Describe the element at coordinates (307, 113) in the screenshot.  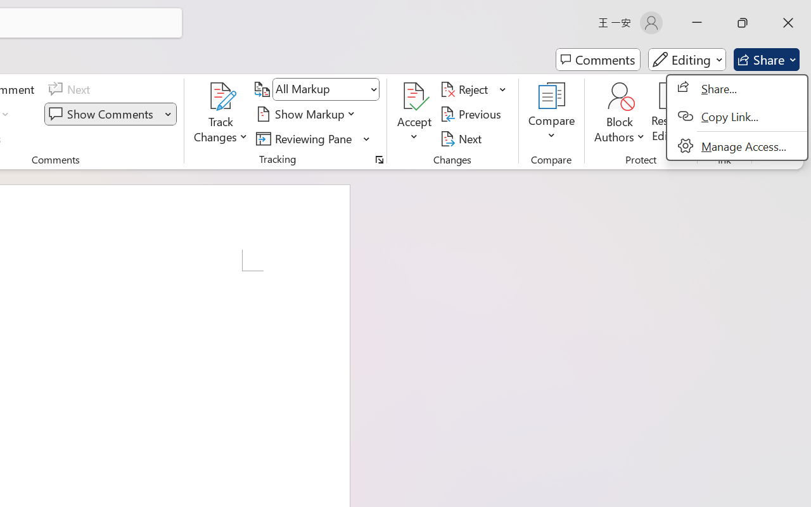
I see `'Show Markup'` at that location.